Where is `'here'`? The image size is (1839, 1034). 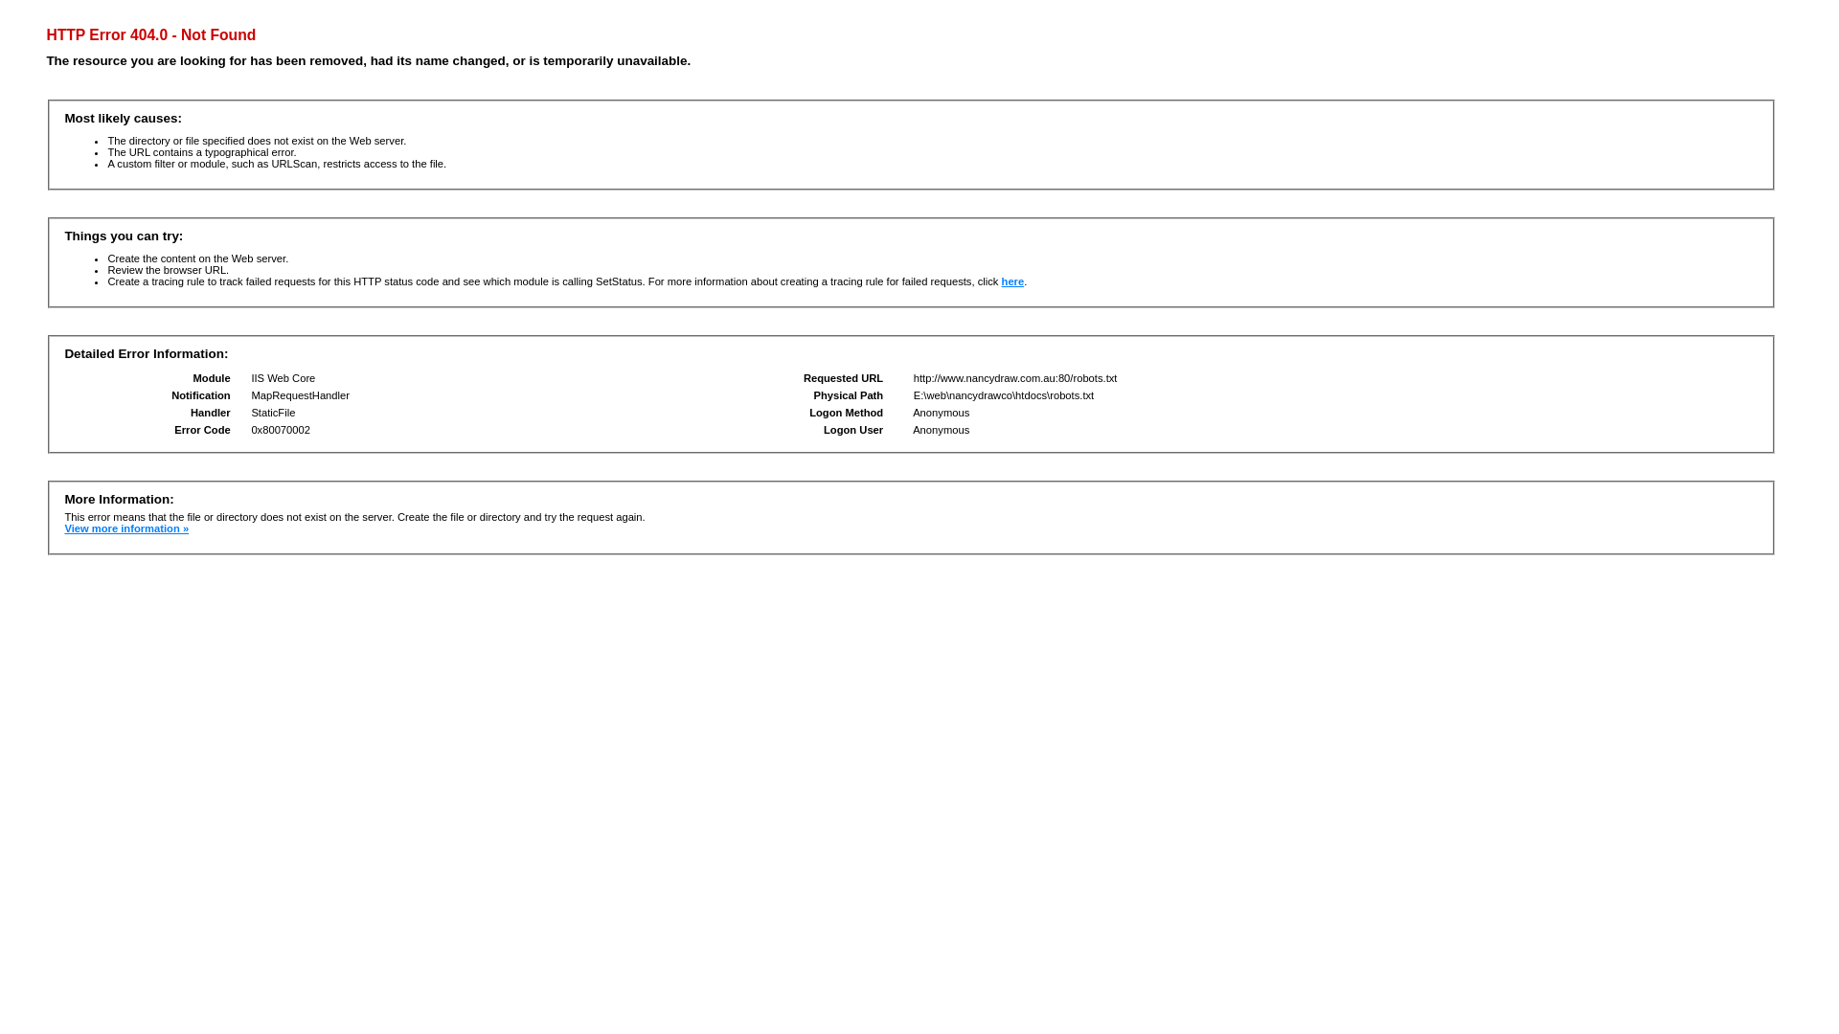
'here' is located at coordinates (1001, 281).